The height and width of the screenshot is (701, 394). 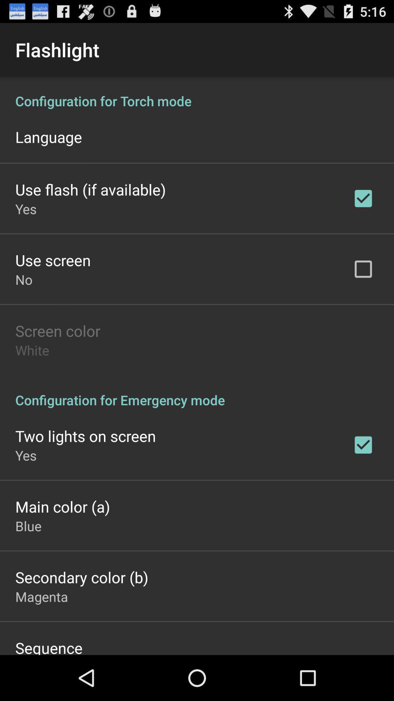 What do you see at coordinates (62, 506) in the screenshot?
I see `the main color (a) app` at bounding box center [62, 506].